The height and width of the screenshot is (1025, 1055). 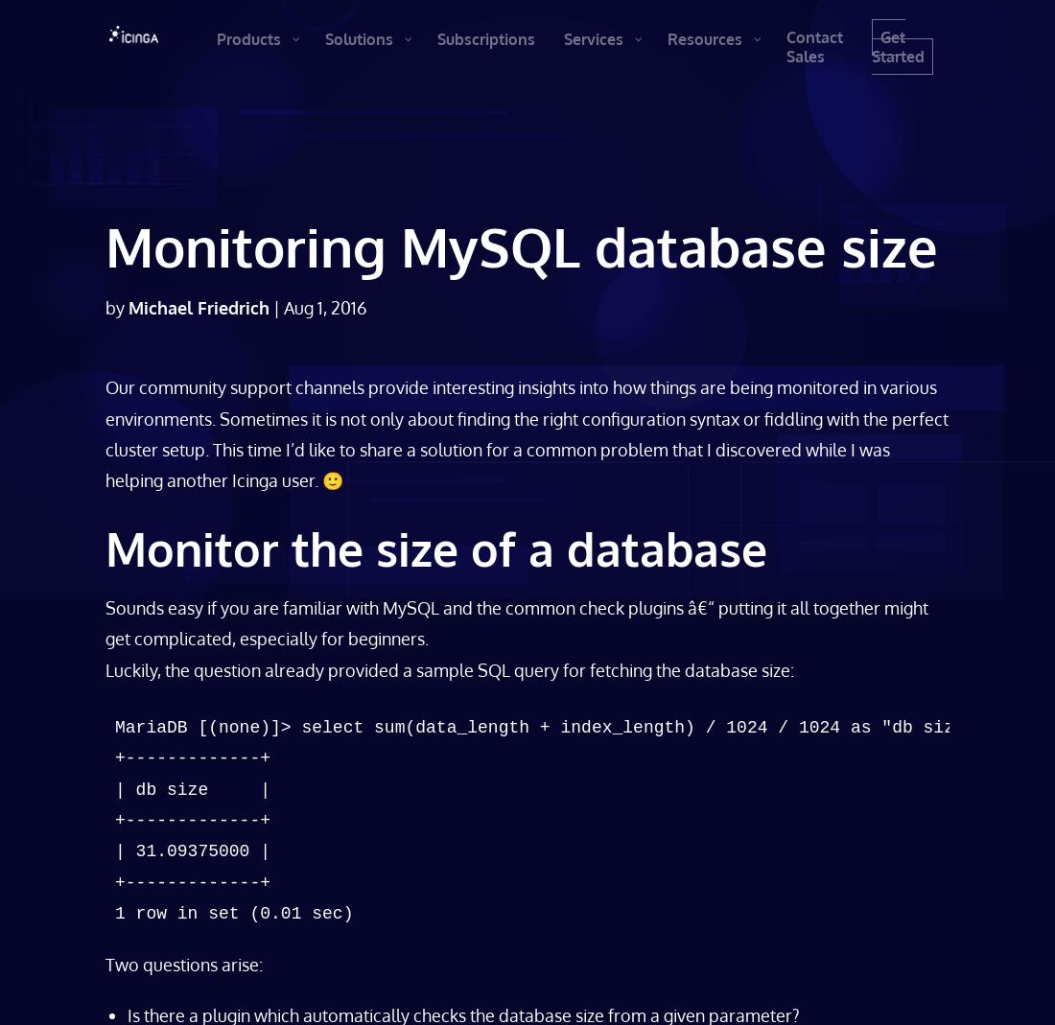 I want to click on 'Monitor the size of a database', so click(x=434, y=547).